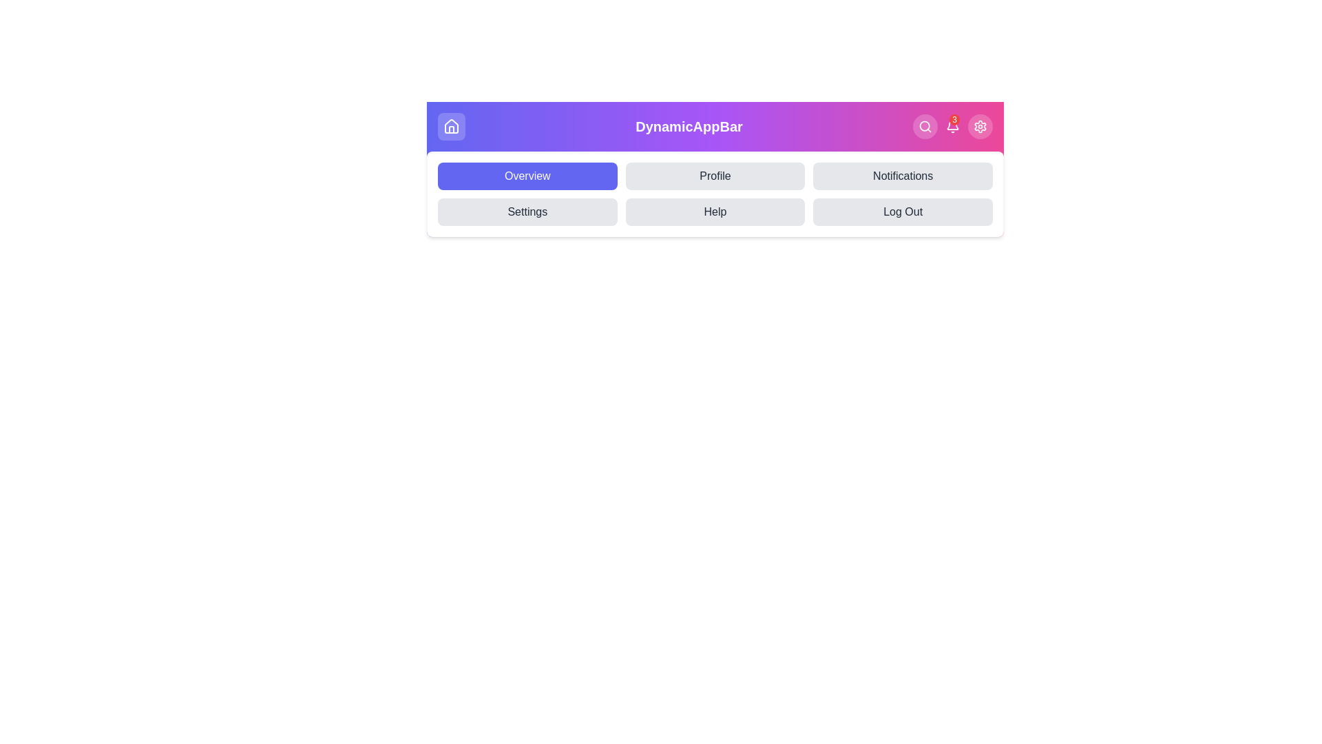  I want to click on the bell icon to view notifications, so click(952, 127).